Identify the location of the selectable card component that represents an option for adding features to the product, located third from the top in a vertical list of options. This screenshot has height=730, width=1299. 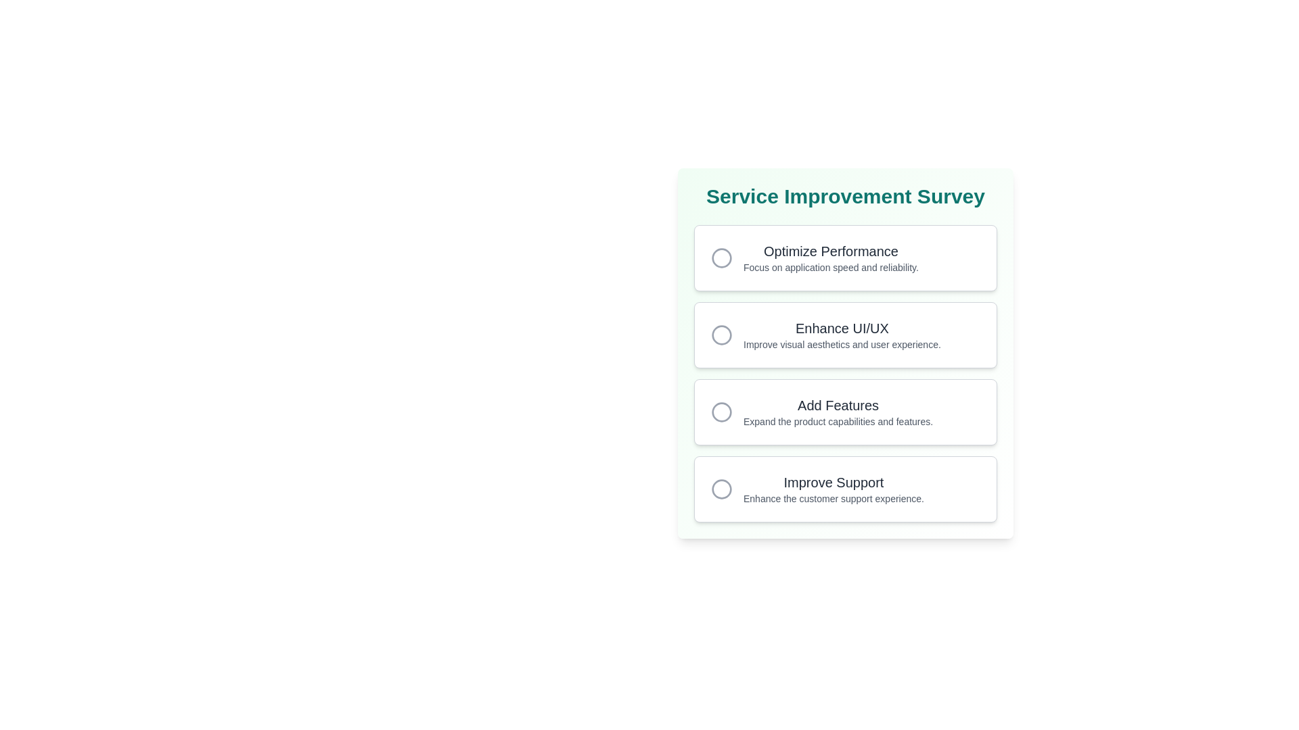
(844, 411).